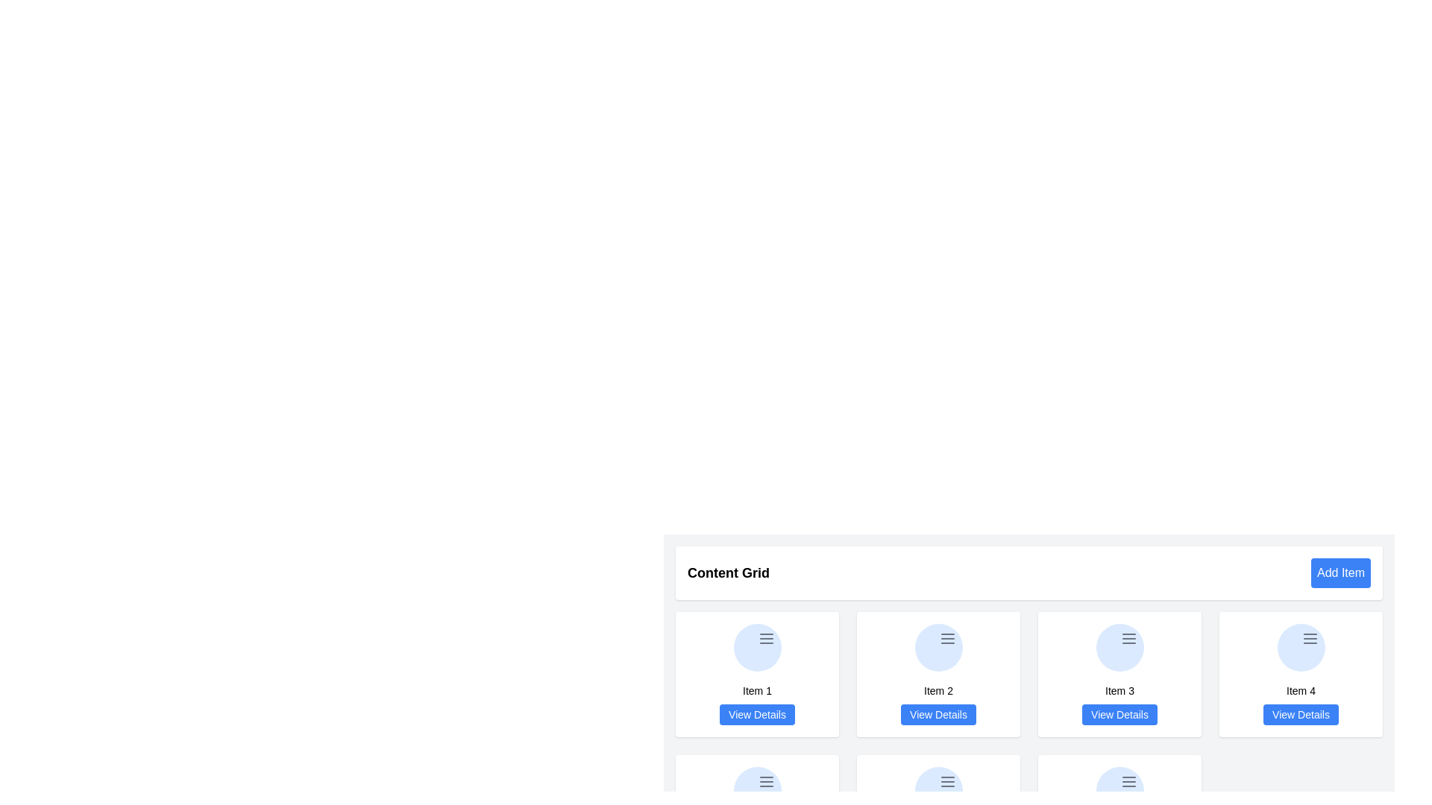 This screenshot has width=1432, height=805. Describe the element at coordinates (1128, 637) in the screenshot. I see `the Icon button (menu trigger) represented by three horizontal gray lines in the header area of the 'Item 3' card` at that location.